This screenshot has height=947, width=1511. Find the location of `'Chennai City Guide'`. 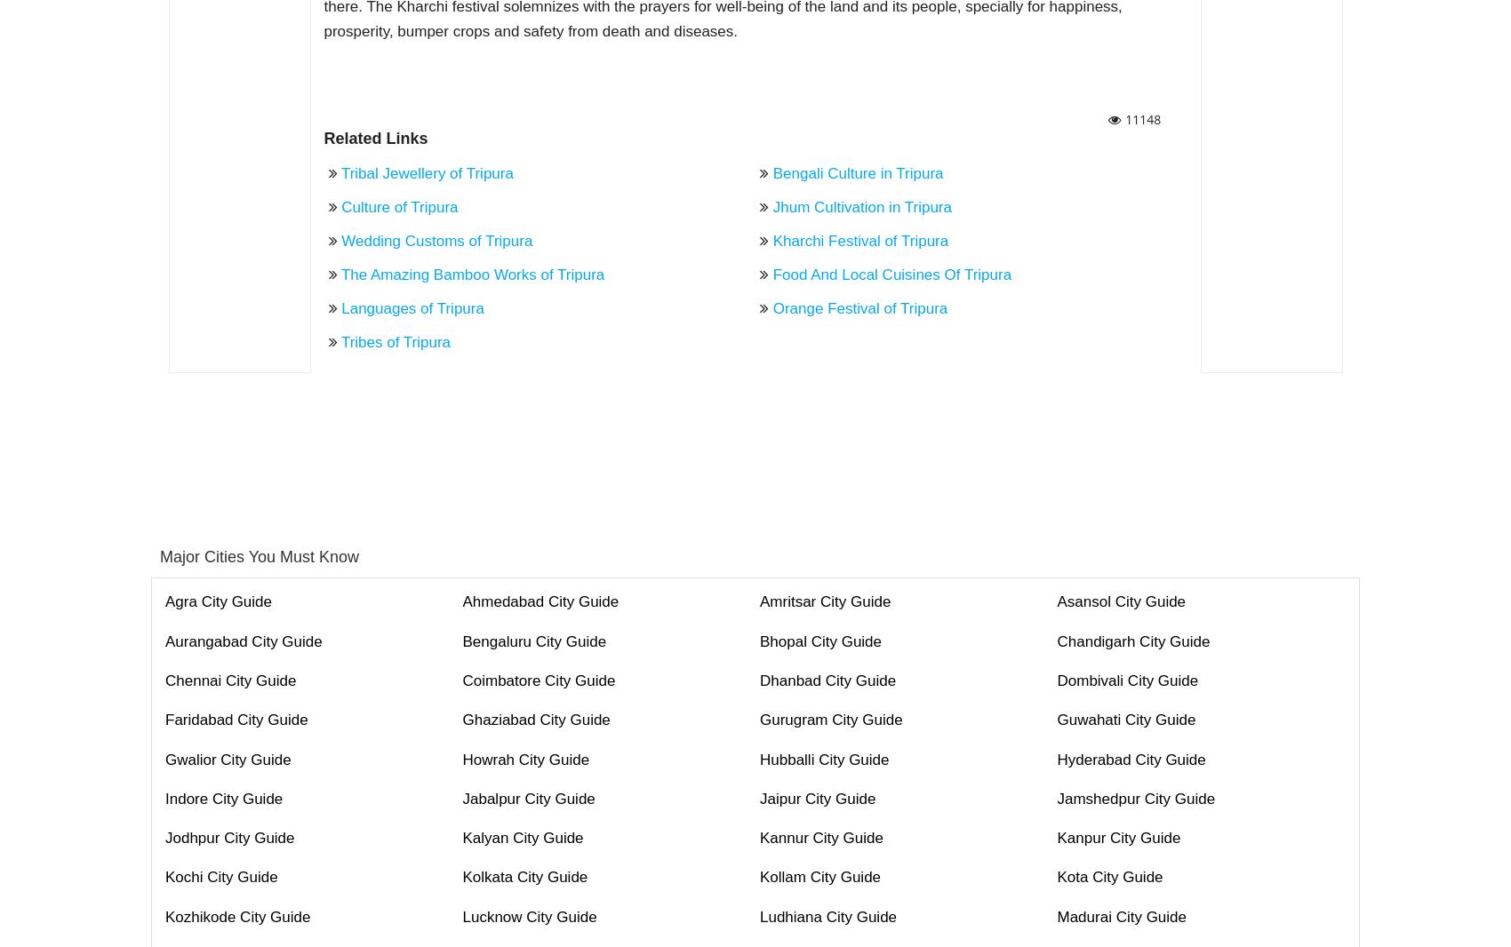

'Chennai City Guide' is located at coordinates (230, 680).